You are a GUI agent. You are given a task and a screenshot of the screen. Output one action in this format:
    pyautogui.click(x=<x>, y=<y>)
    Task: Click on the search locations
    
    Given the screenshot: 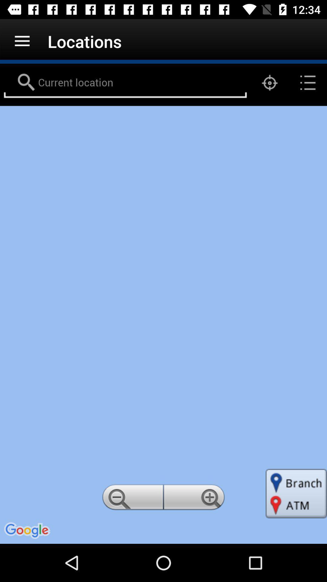 What is the action you would take?
    pyautogui.click(x=125, y=82)
    